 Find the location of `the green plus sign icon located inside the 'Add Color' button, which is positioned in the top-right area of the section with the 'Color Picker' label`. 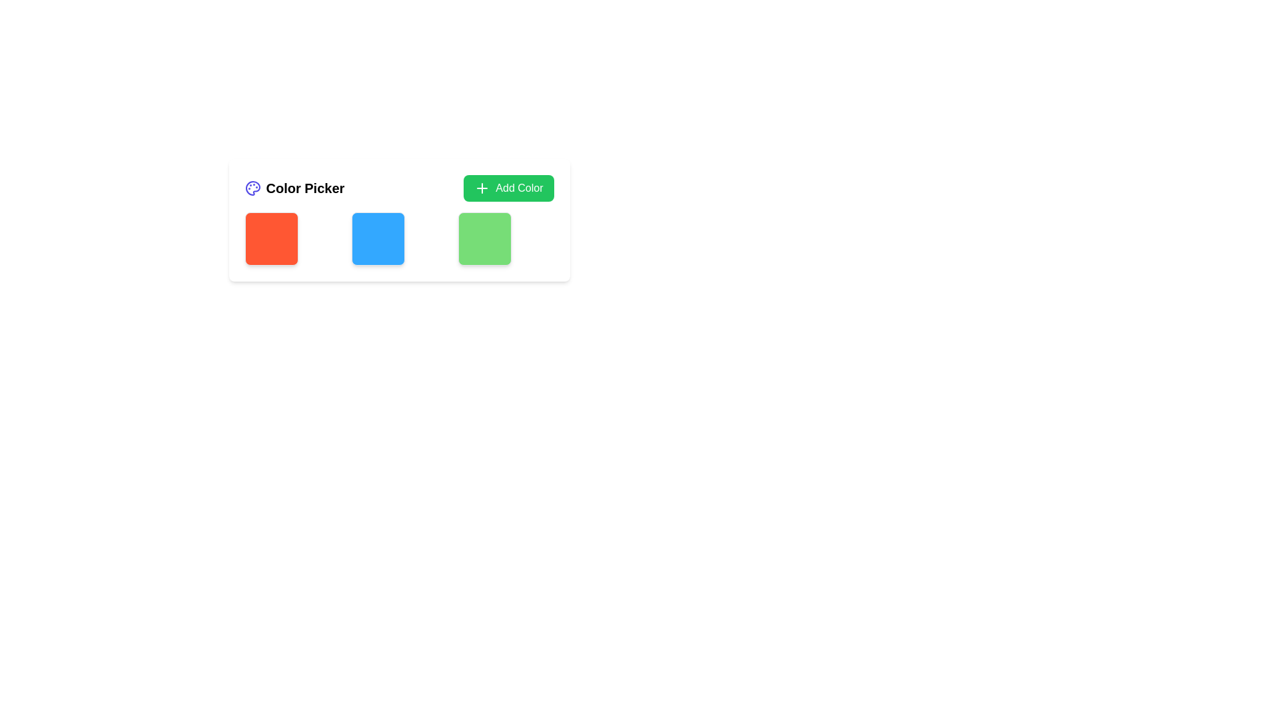

the green plus sign icon located inside the 'Add Color' button, which is positioned in the top-right area of the section with the 'Color Picker' label is located at coordinates (482, 188).